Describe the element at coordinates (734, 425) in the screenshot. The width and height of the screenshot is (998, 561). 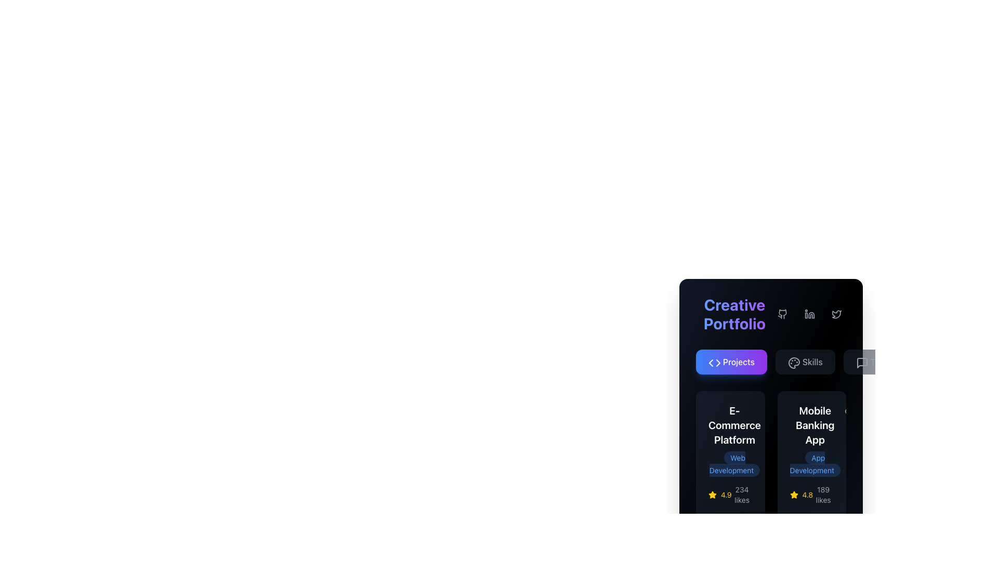
I see `static text element displaying 'E-Commerce Platform' which is prominently styled in white, bold font, located above the 'Web Development' badge in a card layout` at that location.